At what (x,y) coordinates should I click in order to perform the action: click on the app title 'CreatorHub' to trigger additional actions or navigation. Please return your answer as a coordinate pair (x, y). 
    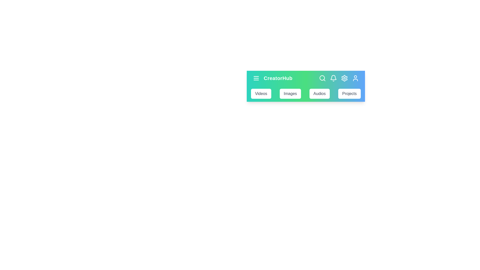
    Looking at the image, I should click on (278, 78).